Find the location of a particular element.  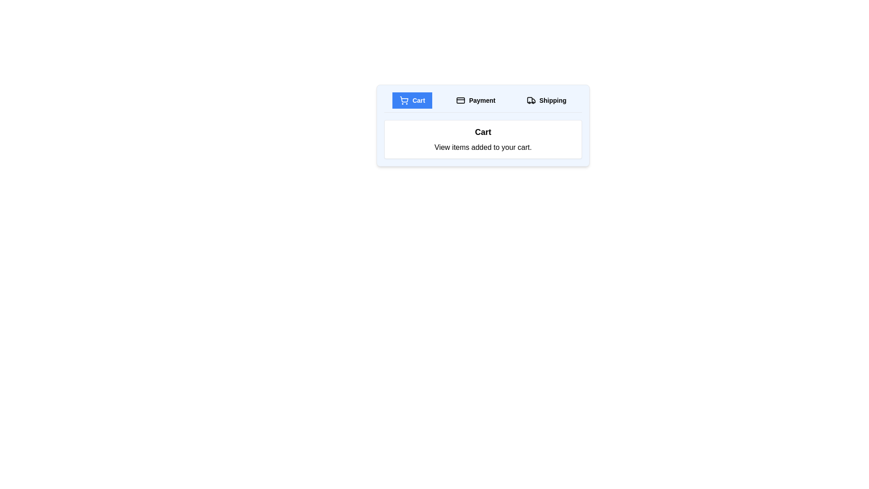

the Cart tab to switch to its content is located at coordinates (412, 101).